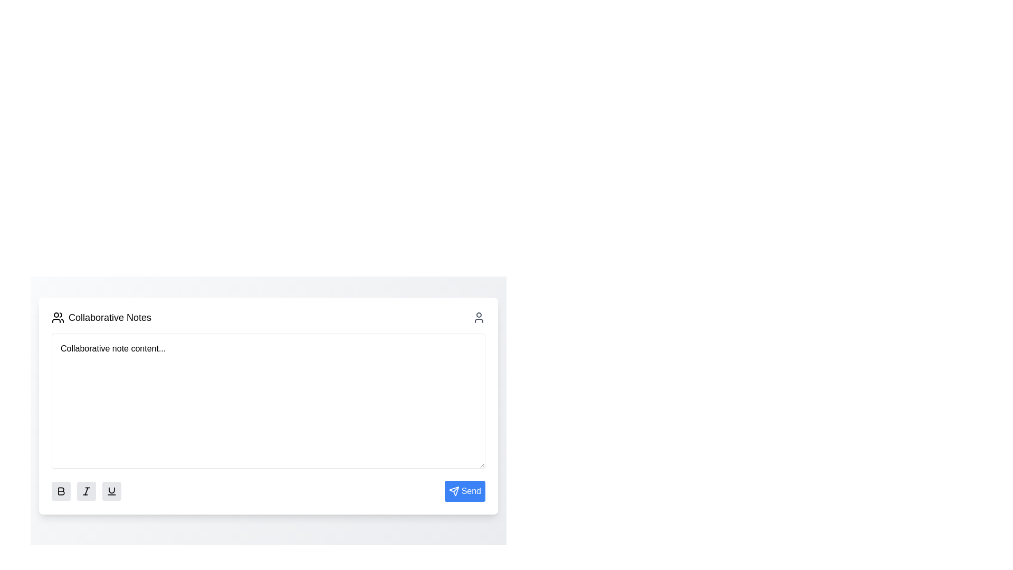 The image size is (1013, 570). What do you see at coordinates (86, 491) in the screenshot?
I see `the italic icon button, which is a slanted 'I' located in the formatting toolbar beneath the 'Collaborative Notes' input area, specifically the second button from the left` at bounding box center [86, 491].